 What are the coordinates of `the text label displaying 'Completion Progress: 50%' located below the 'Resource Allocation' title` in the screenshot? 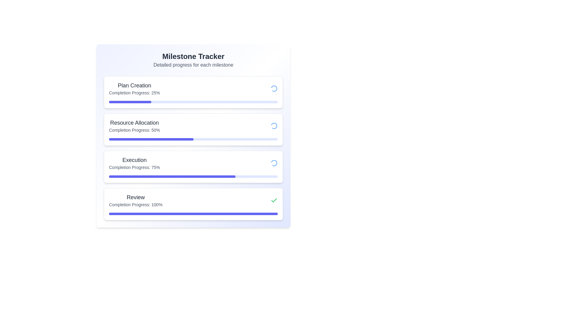 It's located at (134, 130).